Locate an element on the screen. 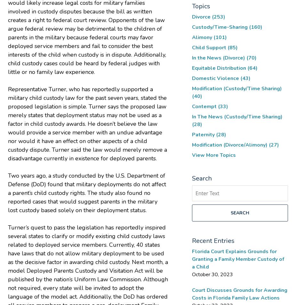 The image size is (304, 305). 'Representative Turner, who has reportedly supported a military child custody law for the past seven years, stated the proposed legislation is simple.  Turner says the proposed law merely states that deployment status may not be used as a factor in child custody awards.  He doesn’t believe the law would provide a service member with an undue advantage nor would it have an effect on other aspects of a child custody dispute.  Turner said the law would merely remove a disadvantage currently in existence for deployed parents.' is located at coordinates (87, 123).